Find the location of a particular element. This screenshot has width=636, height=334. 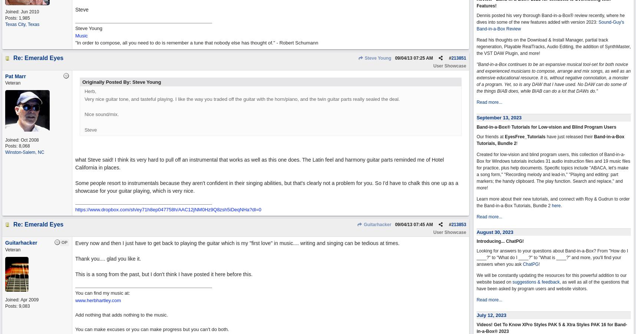

'OP' is located at coordinates (64, 242).